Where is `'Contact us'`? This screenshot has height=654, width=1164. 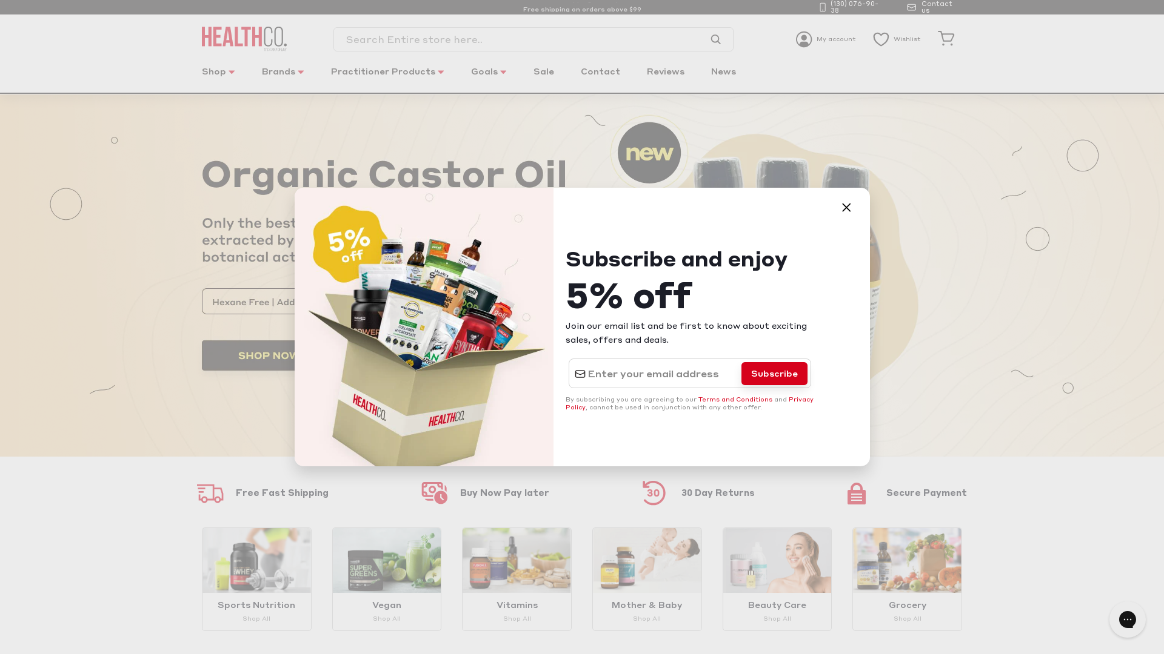 'Contact us' is located at coordinates (934, 7).